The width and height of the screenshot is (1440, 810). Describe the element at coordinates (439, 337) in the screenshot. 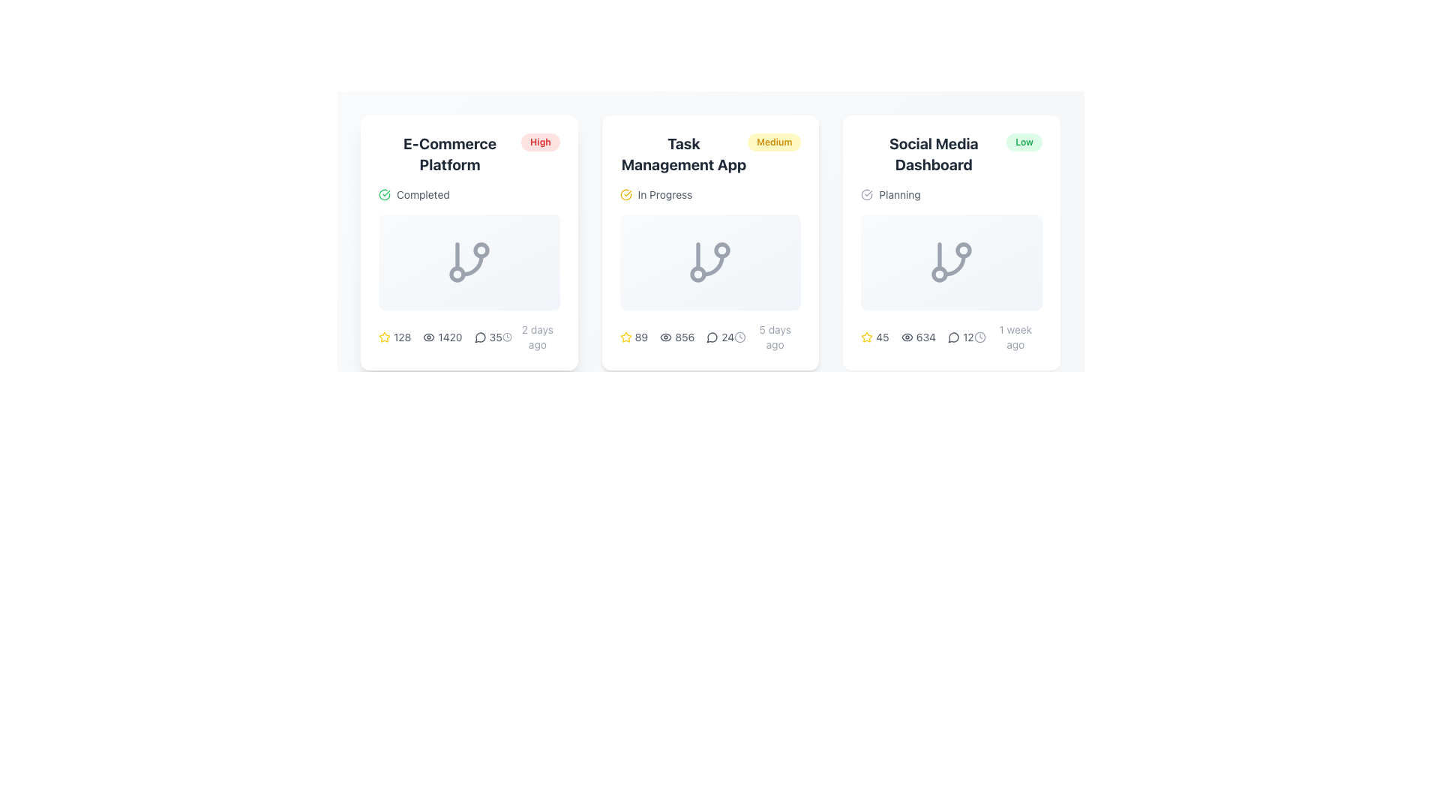

I see `the numeric visibility count displayed in the statistics bar at the bottom of the first card in the E-Commerce Platform layout, located between the star icon and the chat bubble icon` at that location.